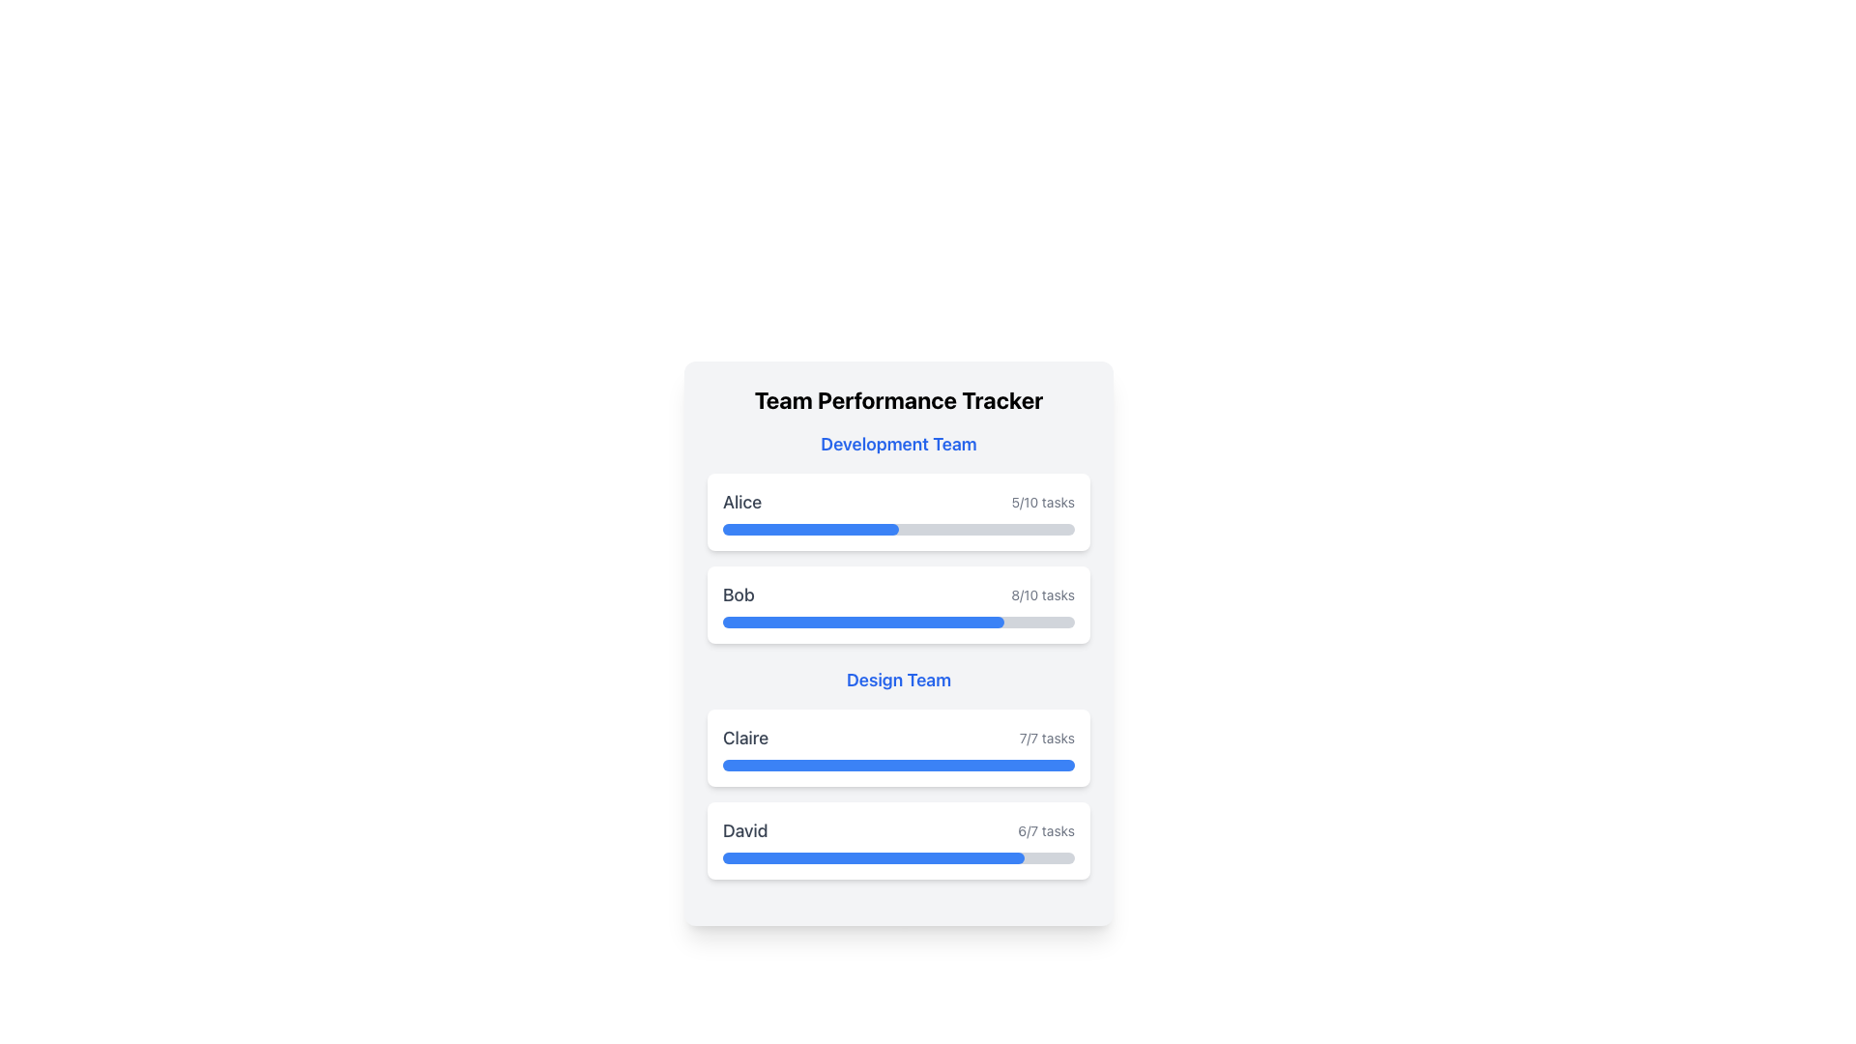  Describe the element at coordinates (1046, 738) in the screenshot. I see `task progress information displayed in the text field showing '7/7 tasks' located to the right of the 'Claire' label in the 'Design Team' section` at that location.